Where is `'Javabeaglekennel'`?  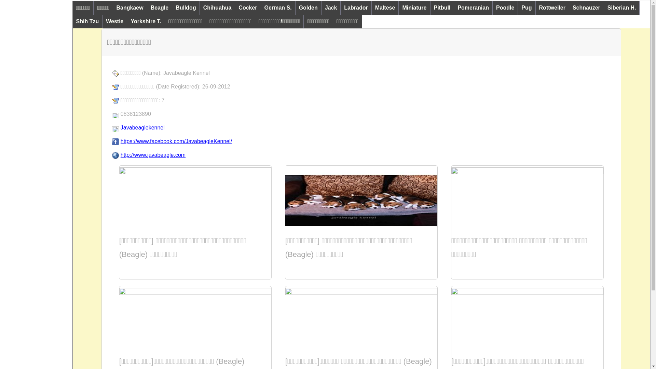 'Javabeaglekennel' is located at coordinates (142, 127).